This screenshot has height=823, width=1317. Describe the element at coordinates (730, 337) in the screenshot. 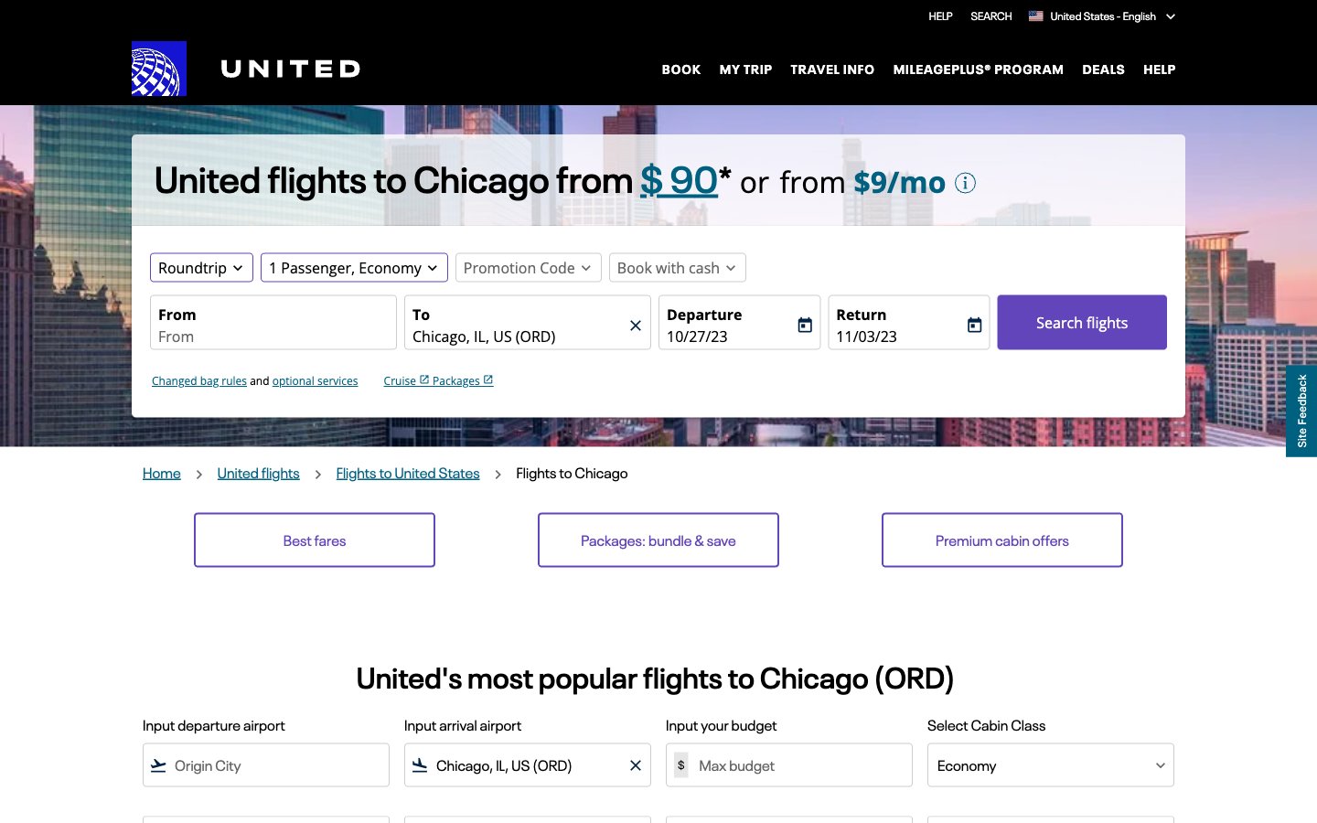

I see `Change the start point and the destination` at that location.